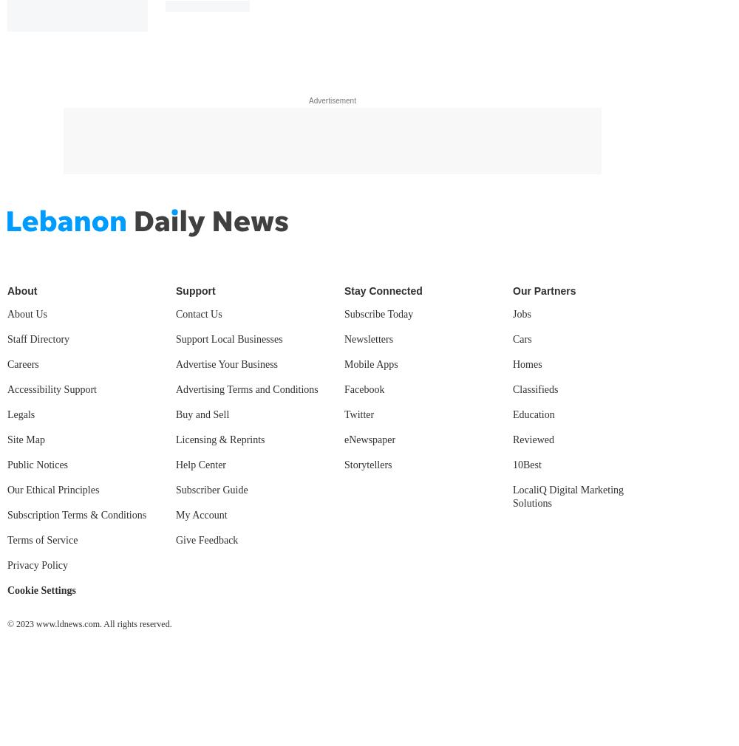  I want to click on 'Twitter', so click(358, 413).